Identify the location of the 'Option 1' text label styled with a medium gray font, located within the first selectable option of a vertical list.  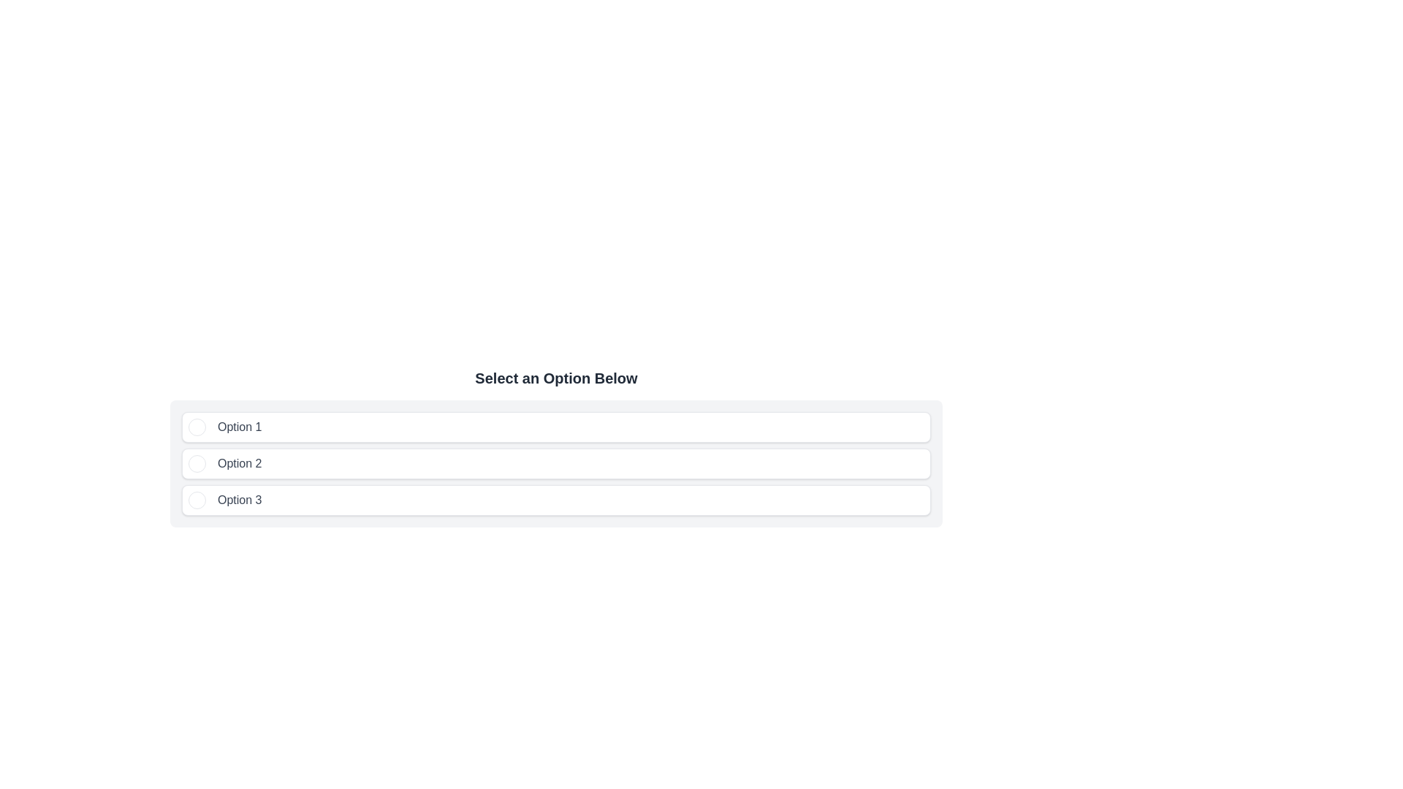
(240, 427).